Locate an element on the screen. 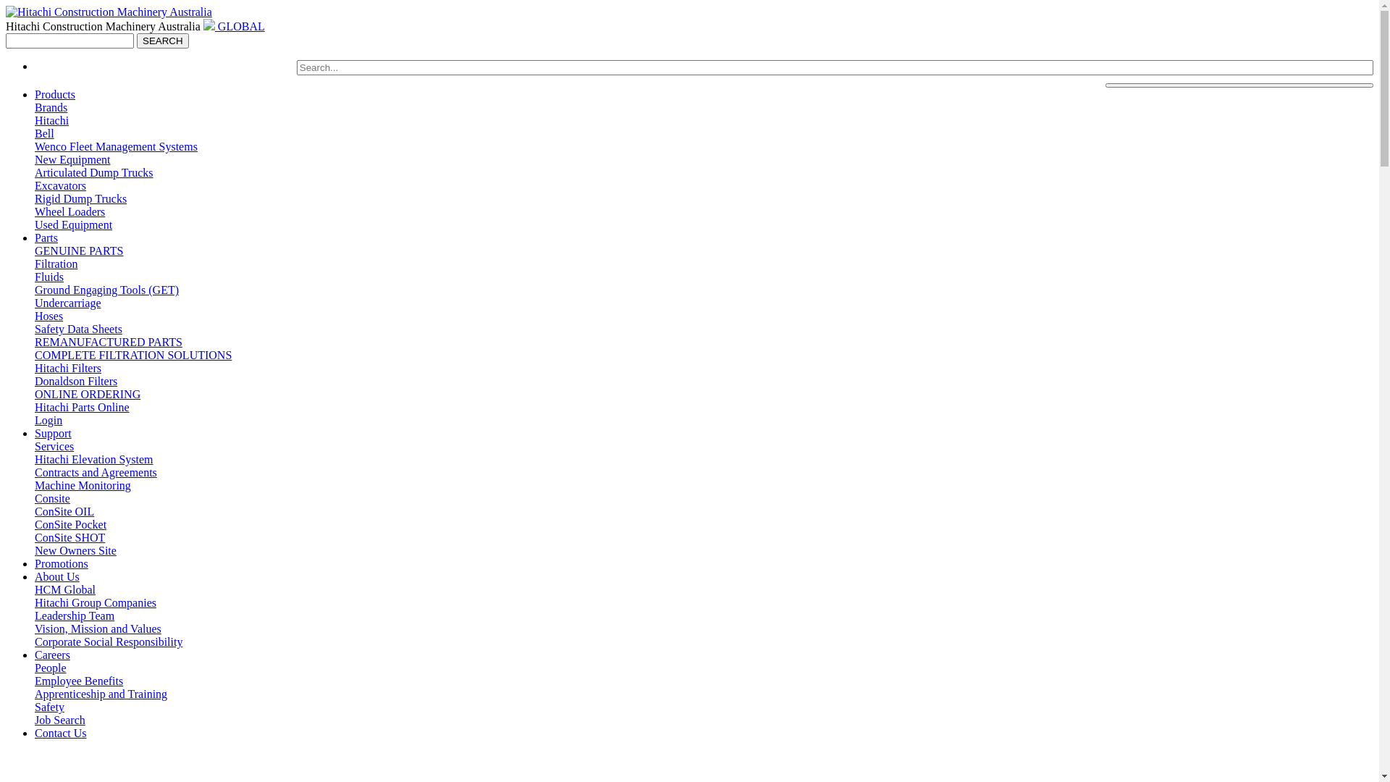 This screenshot has height=782, width=1390. 'About Us' is located at coordinates (35, 576).